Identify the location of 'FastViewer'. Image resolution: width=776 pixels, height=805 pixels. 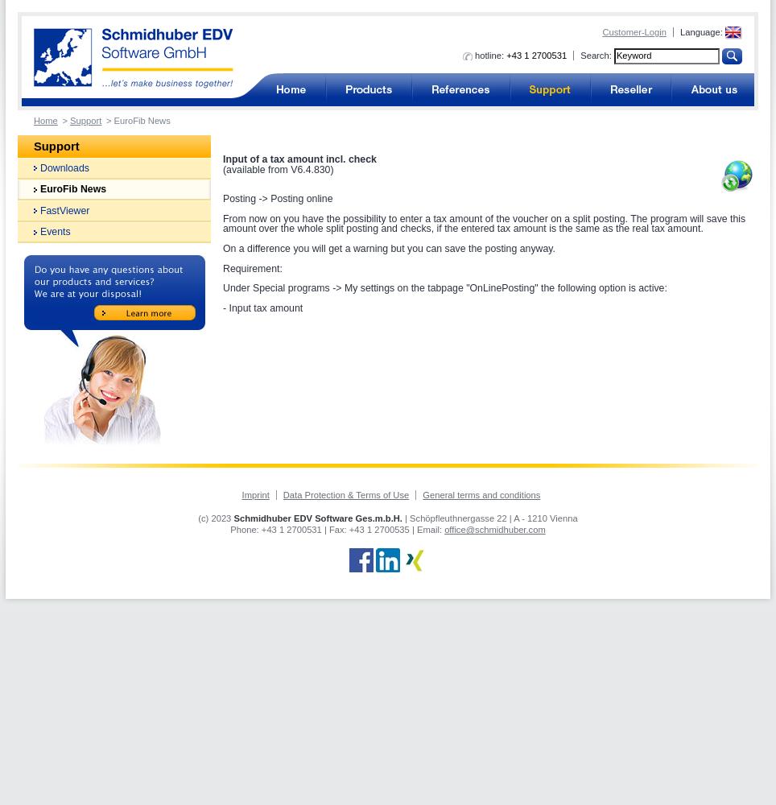
(64, 210).